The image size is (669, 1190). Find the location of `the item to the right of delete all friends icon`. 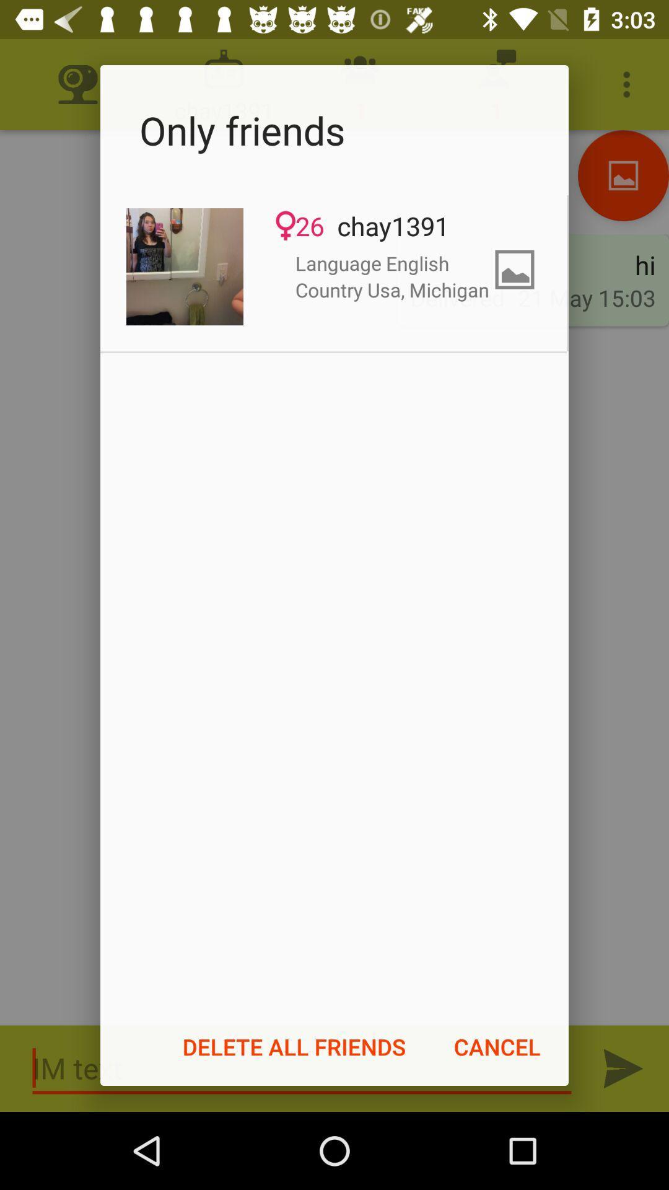

the item to the right of delete all friends icon is located at coordinates (496, 1046).